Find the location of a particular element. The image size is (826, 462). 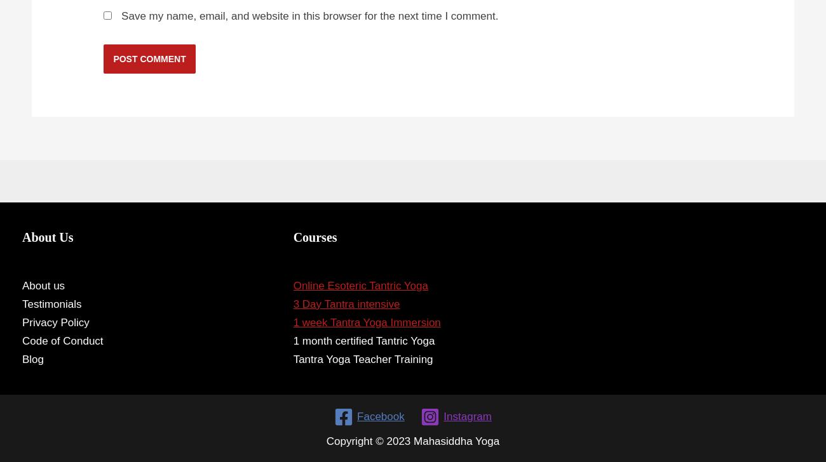

'3 Day Tantra intensive' is located at coordinates (292, 303).